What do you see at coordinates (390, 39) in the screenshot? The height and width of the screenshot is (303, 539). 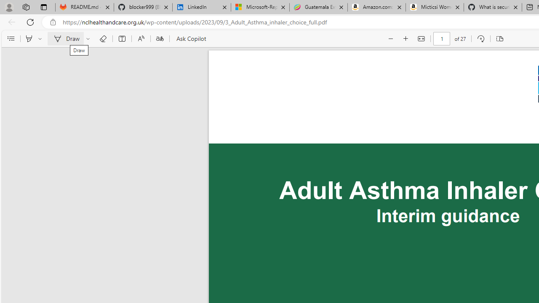 I see `'Zoom out (Ctrl+Minus key)'` at bounding box center [390, 39].